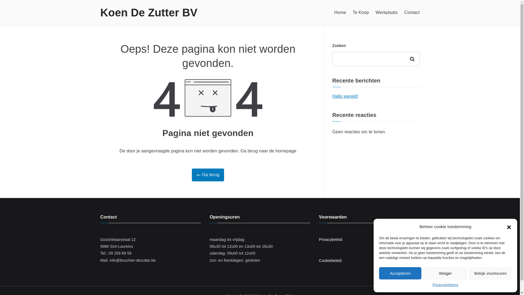 This screenshot has height=295, width=524. Describe the element at coordinates (400, 273) in the screenshot. I see `'Accepteren'` at that location.